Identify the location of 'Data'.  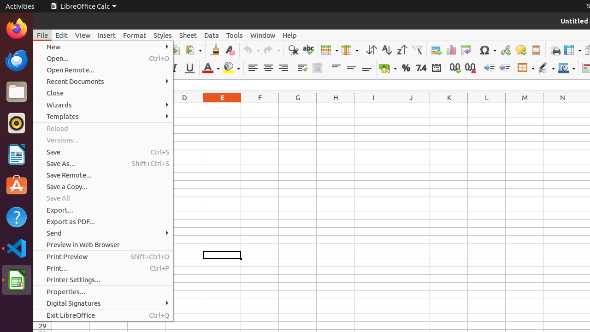
(211, 35).